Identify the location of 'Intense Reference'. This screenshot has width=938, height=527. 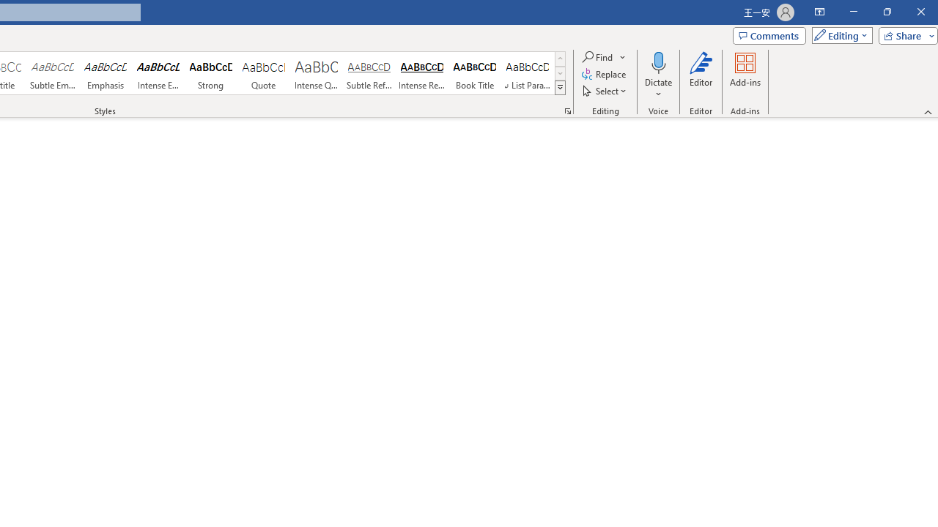
(421, 73).